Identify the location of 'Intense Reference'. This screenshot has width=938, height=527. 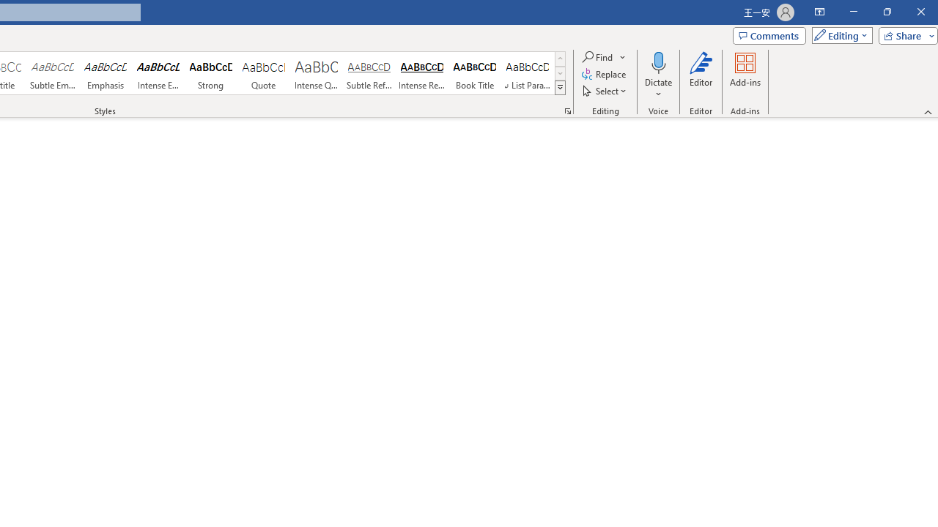
(421, 73).